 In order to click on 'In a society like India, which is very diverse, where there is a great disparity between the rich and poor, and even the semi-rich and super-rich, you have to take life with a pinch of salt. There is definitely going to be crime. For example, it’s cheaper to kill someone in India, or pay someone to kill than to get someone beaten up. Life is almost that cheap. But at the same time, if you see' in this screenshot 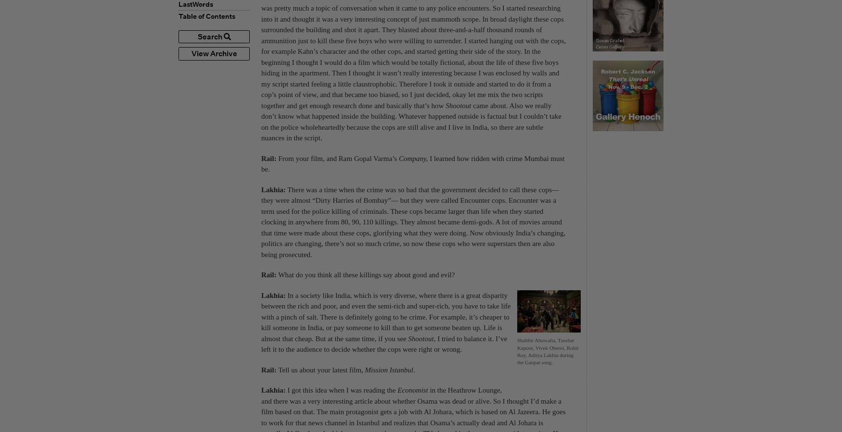, I will do `click(385, 316)`.